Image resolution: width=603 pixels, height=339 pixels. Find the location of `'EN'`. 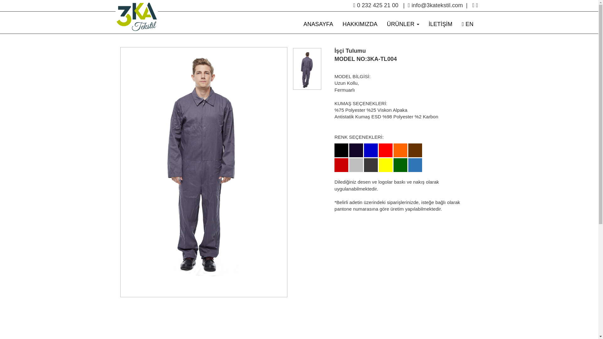

'EN' is located at coordinates (468, 24).